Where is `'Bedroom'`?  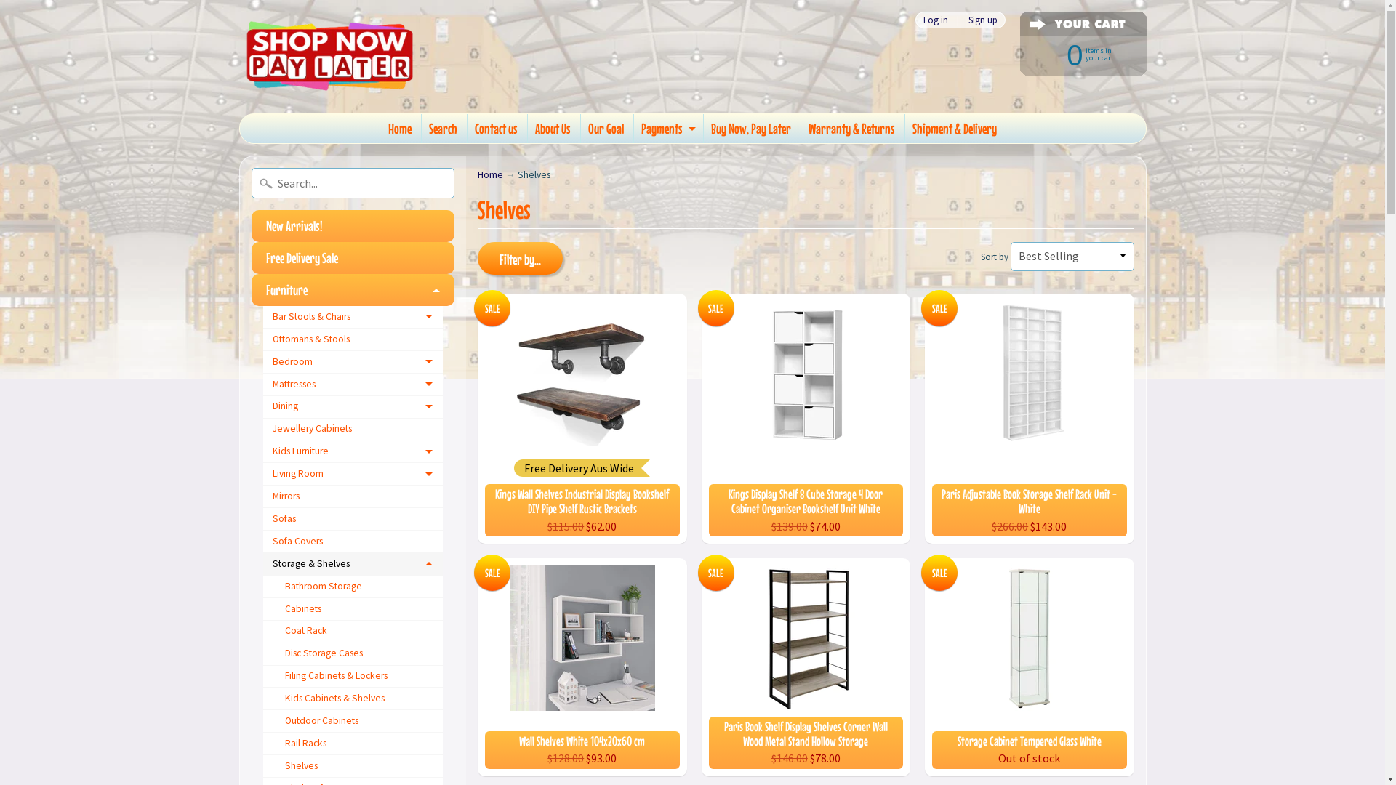 'Bedroom' is located at coordinates (262, 361).